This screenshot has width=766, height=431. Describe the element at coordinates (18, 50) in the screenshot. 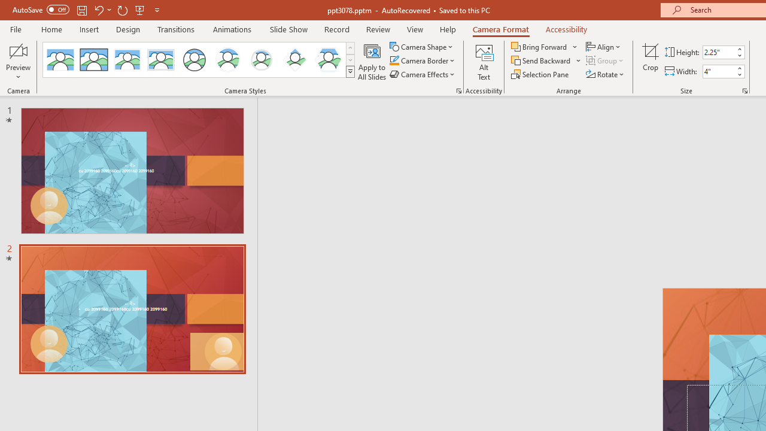

I see `'Enable Camera Preview'` at that location.